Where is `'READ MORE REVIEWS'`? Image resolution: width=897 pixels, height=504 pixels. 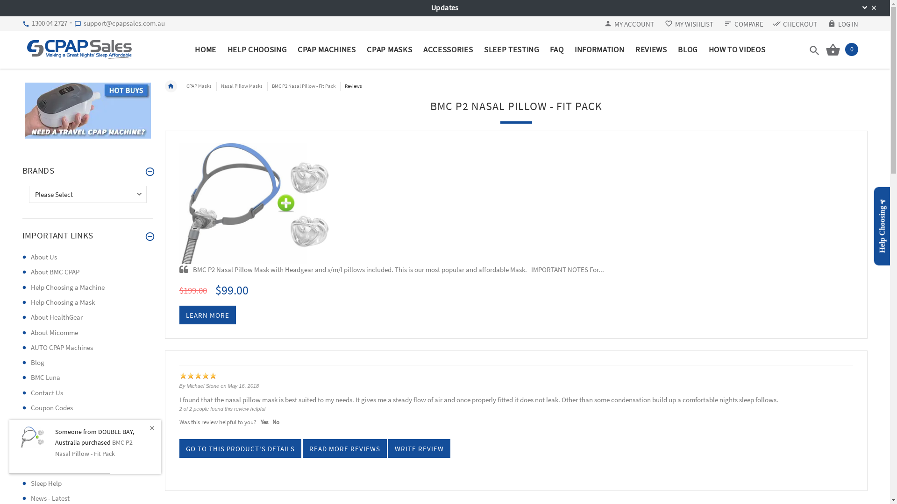
'READ MORE REVIEWS' is located at coordinates (344, 448).